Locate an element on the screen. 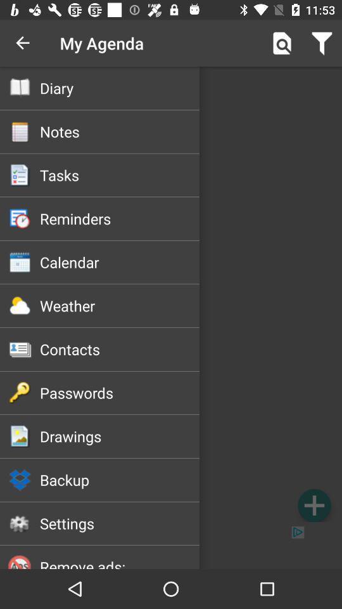 Image resolution: width=342 pixels, height=609 pixels. weather icon is located at coordinates (120, 305).